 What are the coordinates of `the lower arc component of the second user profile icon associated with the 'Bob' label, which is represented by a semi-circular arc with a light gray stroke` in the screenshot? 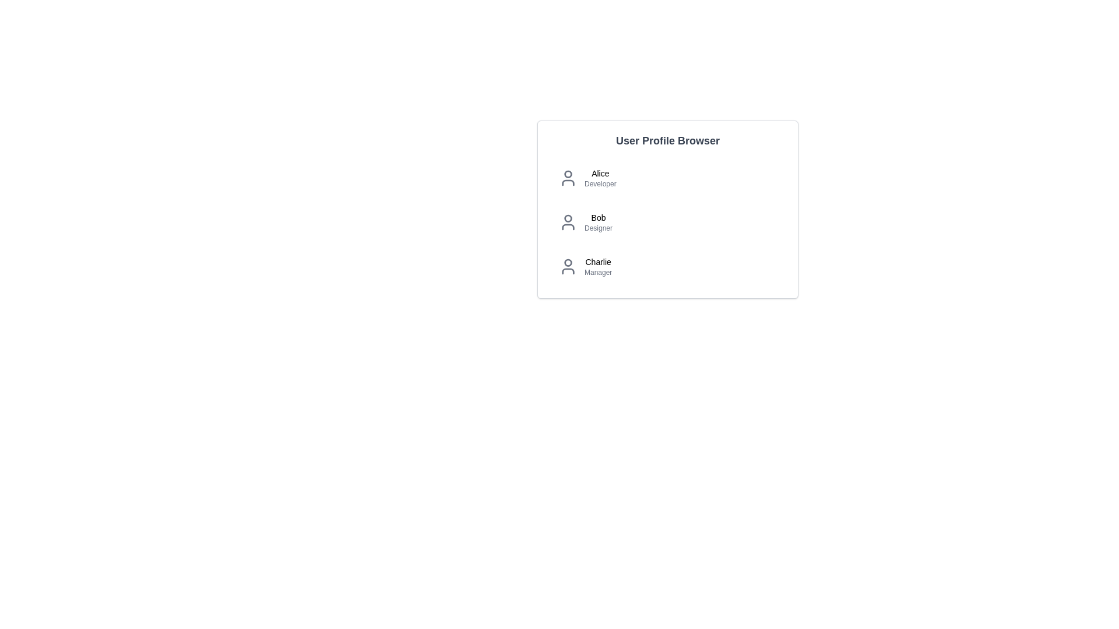 It's located at (568, 227).